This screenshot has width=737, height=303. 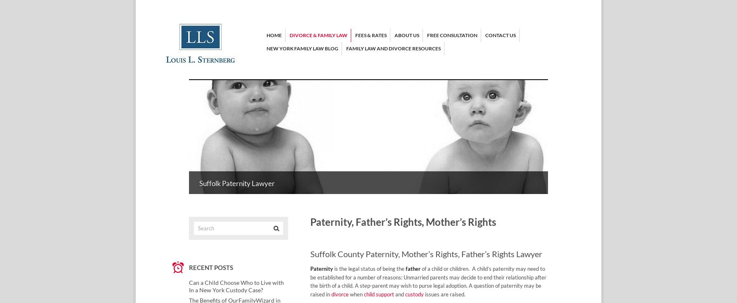 What do you see at coordinates (236, 286) in the screenshot?
I see `'­­­­Can a Child Choose Who to Live with In a New York Custody Case?'` at bounding box center [236, 286].